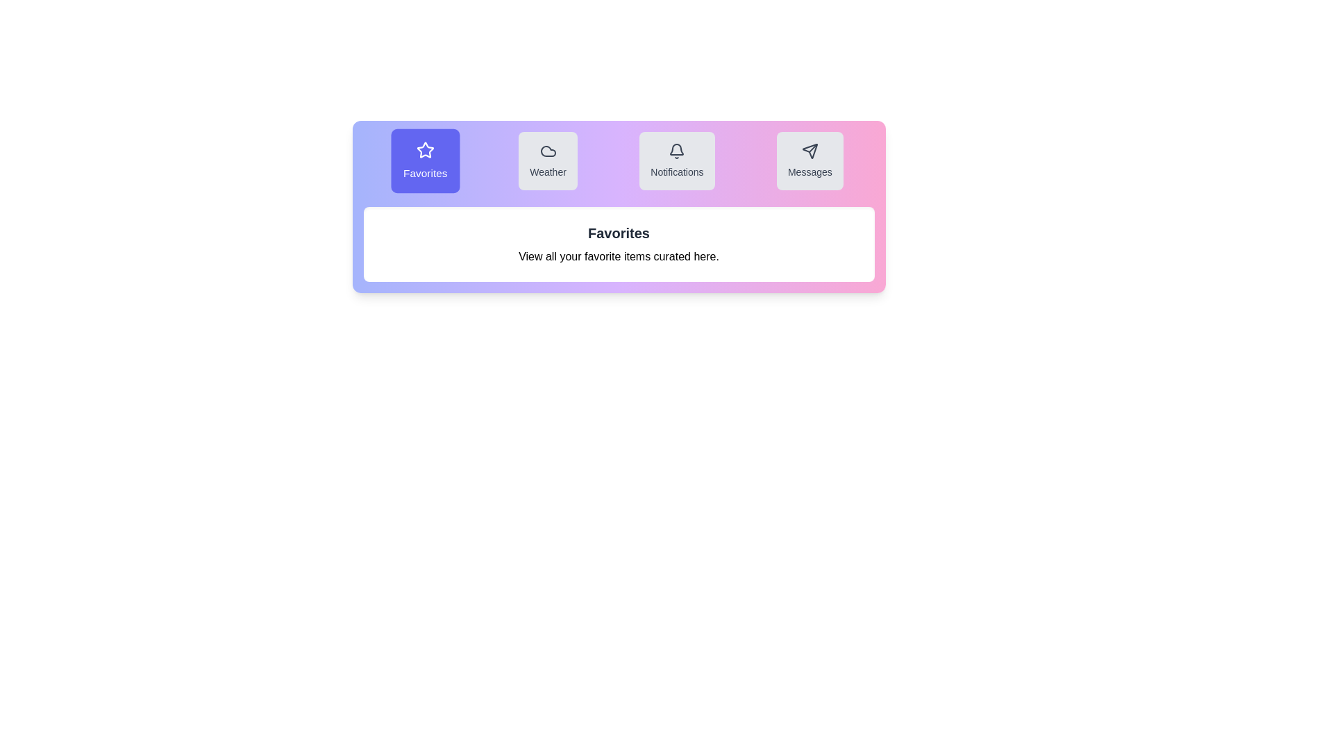 The width and height of the screenshot is (1333, 750). I want to click on the tab labeled Messages to observe its visual effect, so click(810, 160).